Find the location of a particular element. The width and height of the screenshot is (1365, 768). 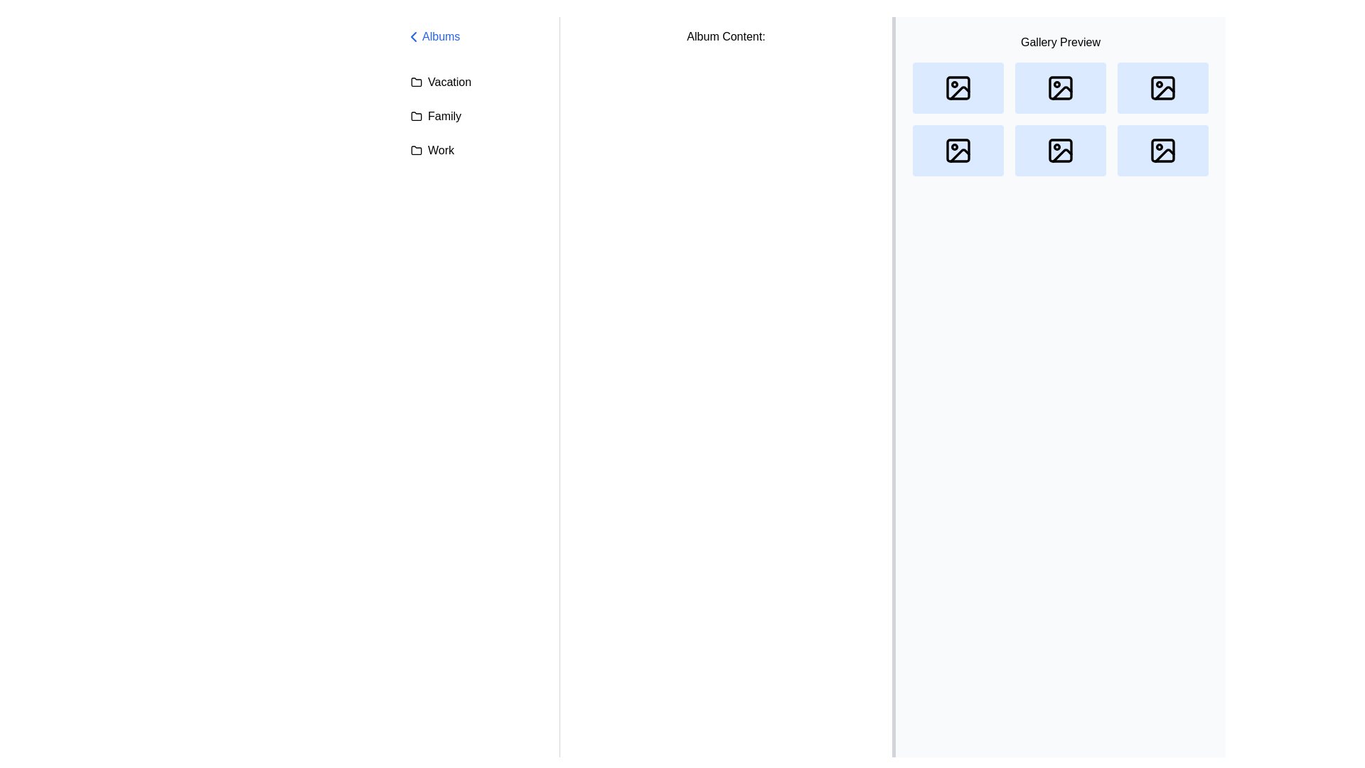

the Icon-like Shape (Rounded Rectangle) located in the bottom-right section of the 'Gallery Preview' with a size of 18x18 pixels is located at coordinates (1163, 151).